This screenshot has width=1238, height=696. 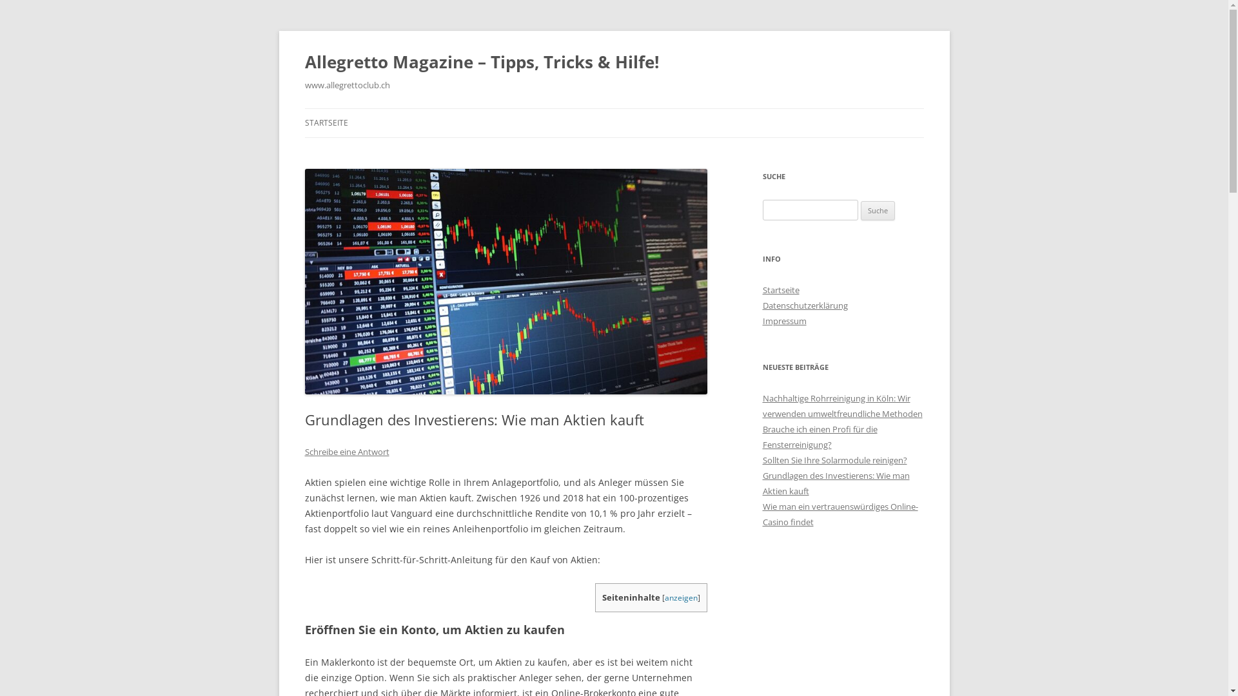 I want to click on 'STARTSEITE', so click(x=326, y=123).